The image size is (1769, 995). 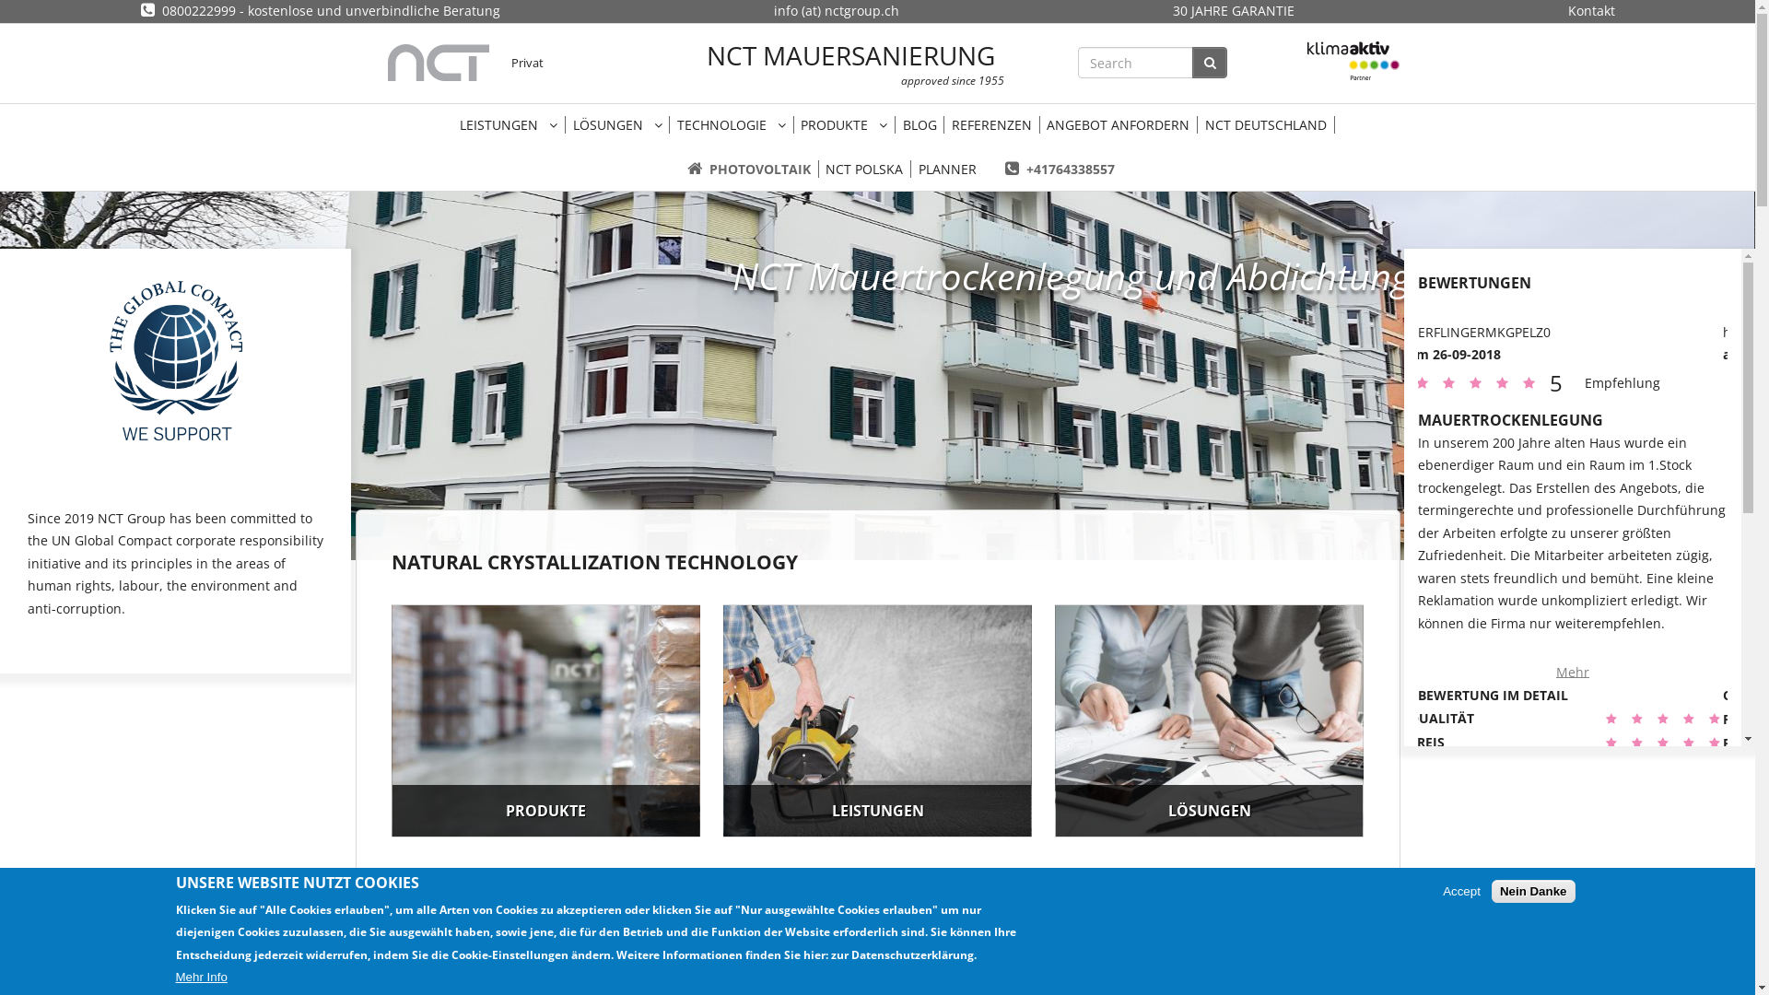 I want to click on 'ANGEBOT ANFORDERN', so click(x=1118, y=124).